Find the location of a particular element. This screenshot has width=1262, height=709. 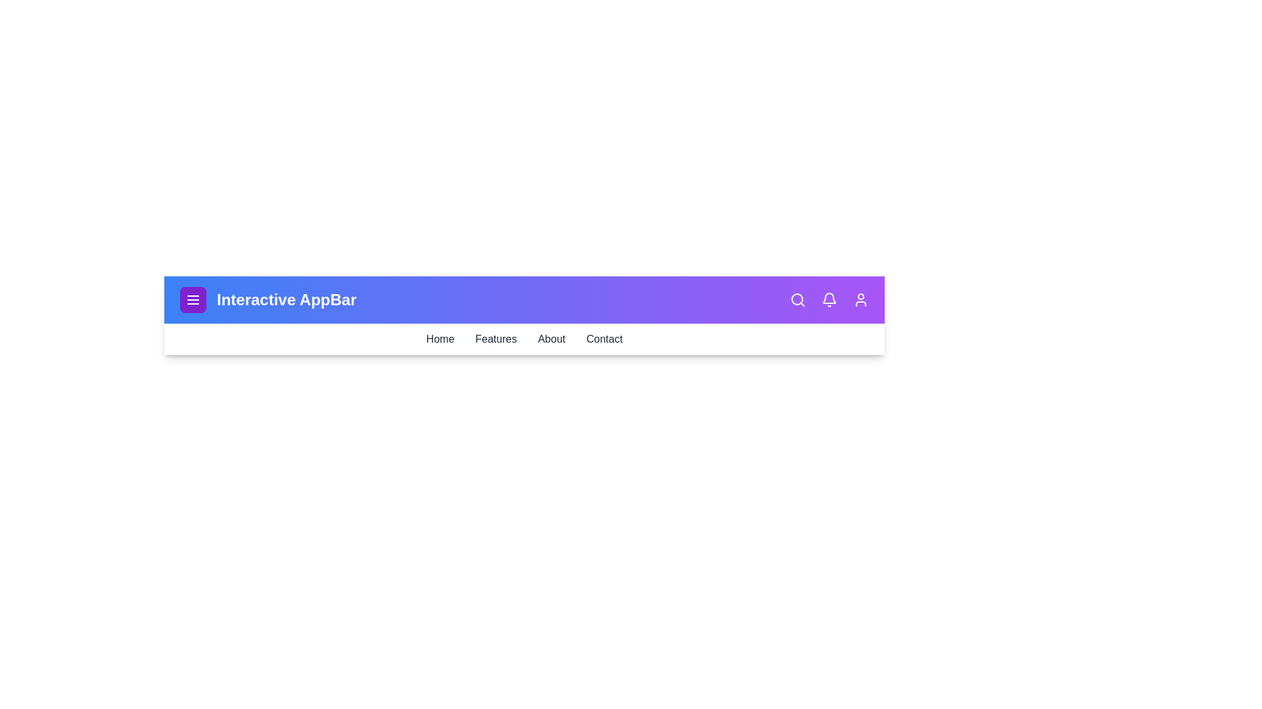

the Features link in the navigation menu is located at coordinates (495, 338).